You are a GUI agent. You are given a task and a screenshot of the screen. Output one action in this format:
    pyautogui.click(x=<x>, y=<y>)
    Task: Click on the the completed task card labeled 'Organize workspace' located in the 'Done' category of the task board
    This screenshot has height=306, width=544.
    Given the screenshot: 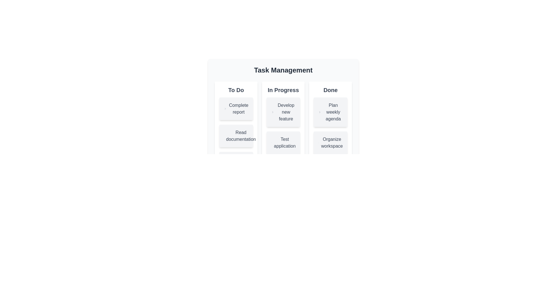 What is the action you would take?
    pyautogui.click(x=330, y=133)
    